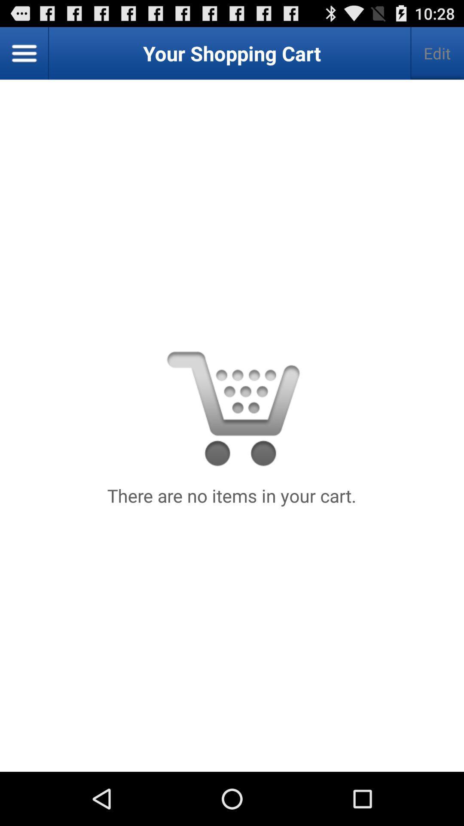 The height and width of the screenshot is (826, 464). I want to click on edit, so click(437, 53).